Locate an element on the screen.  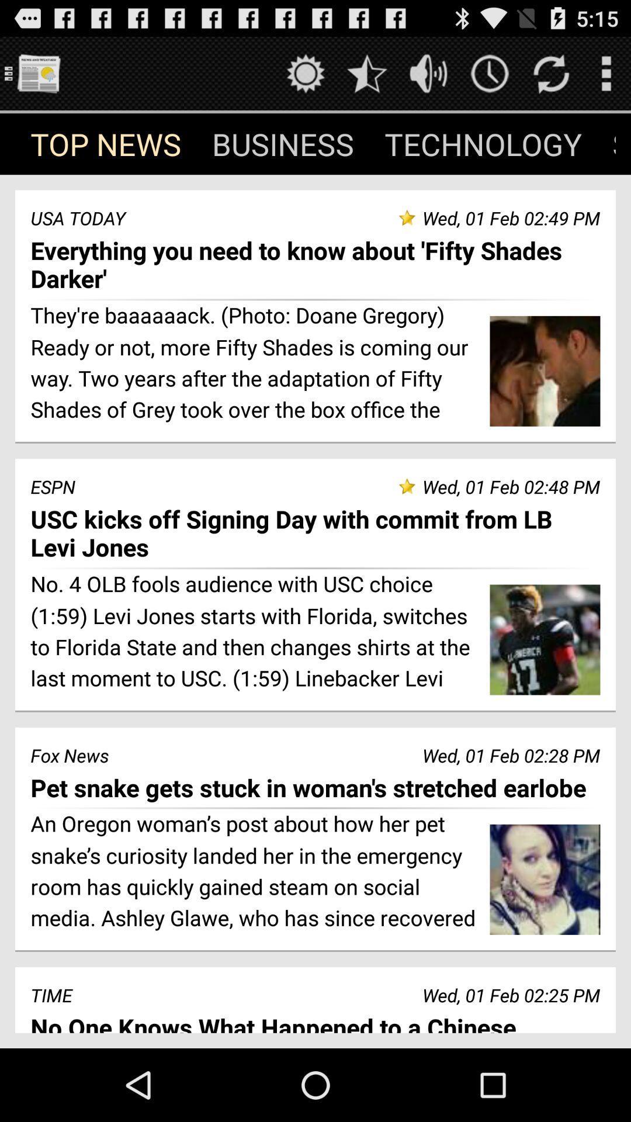
the second image in the page is located at coordinates (545, 639).